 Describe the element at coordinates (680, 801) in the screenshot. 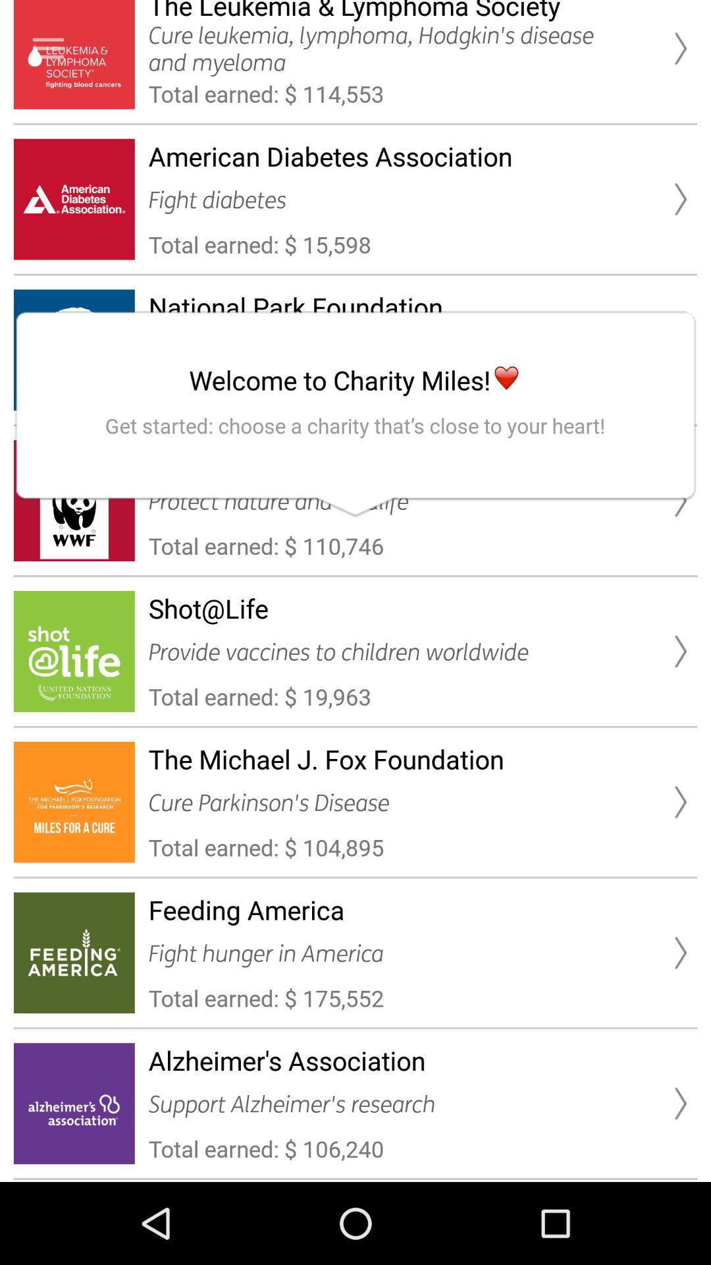

I see `the 3rd button from the bottom right side of the web page` at that location.